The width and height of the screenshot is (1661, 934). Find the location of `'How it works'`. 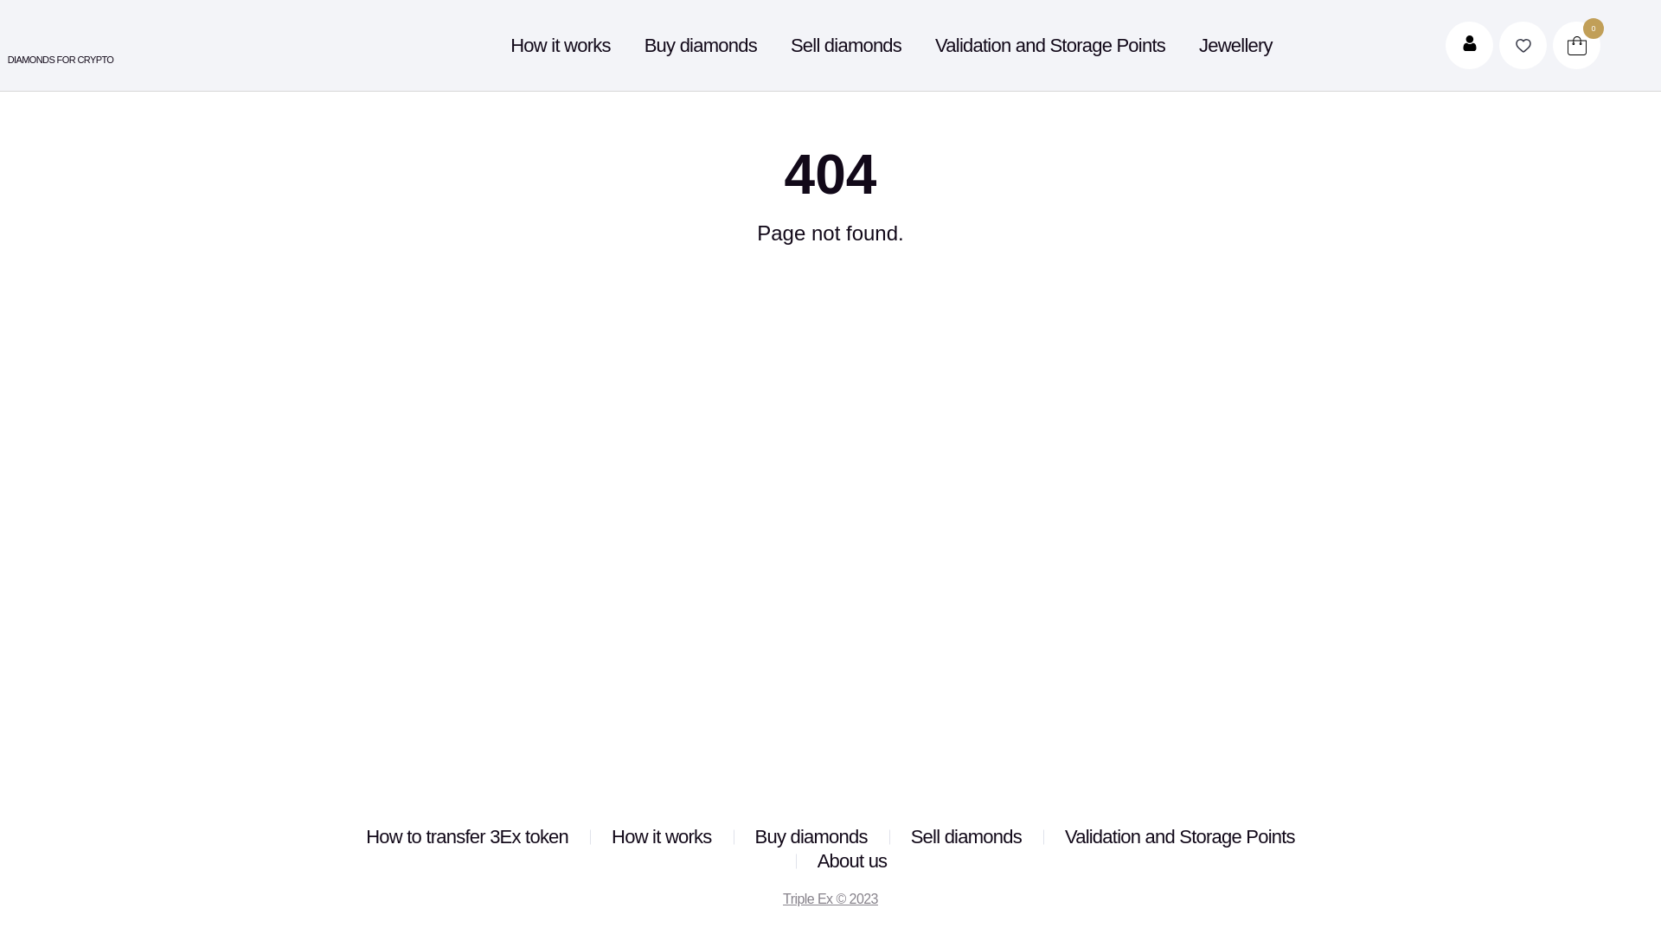

'How it works' is located at coordinates (510, 44).